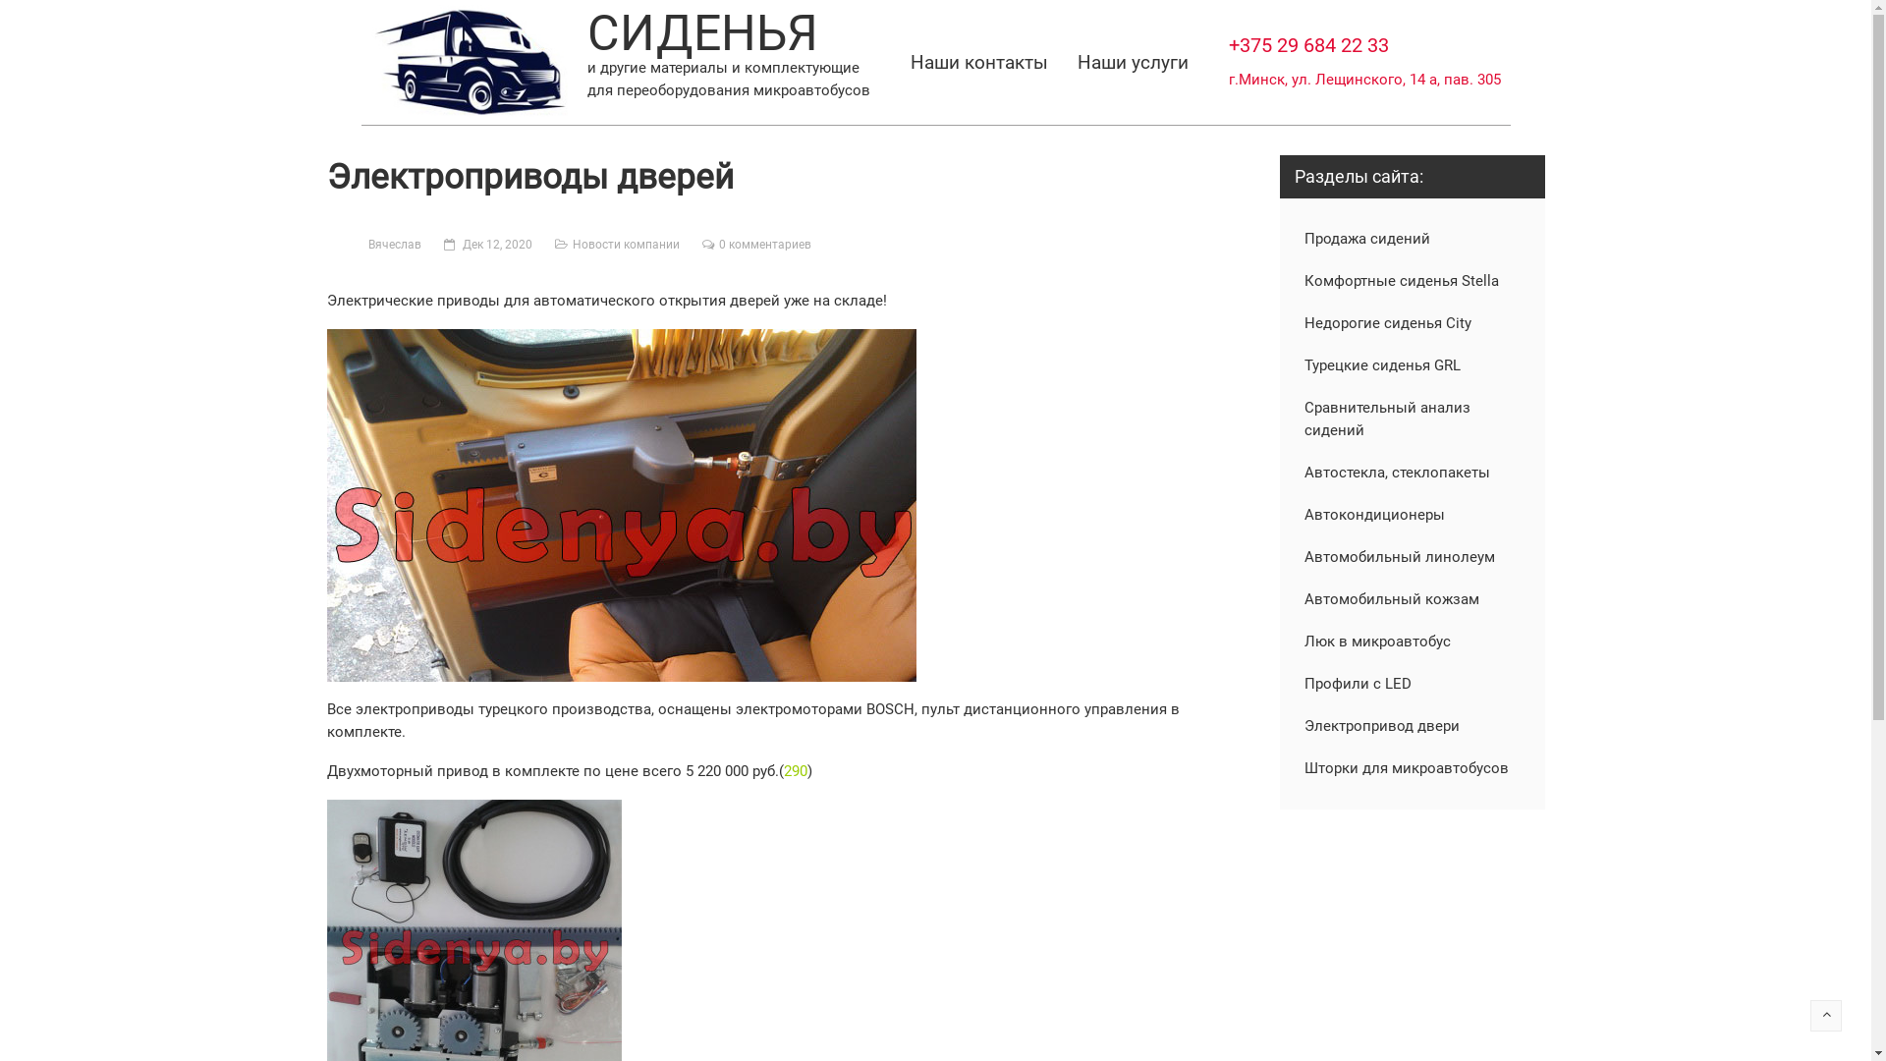 The width and height of the screenshot is (1886, 1061). Describe the element at coordinates (1307, 44) in the screenshot. I see `'+375 29 684 22 33'` at that location.